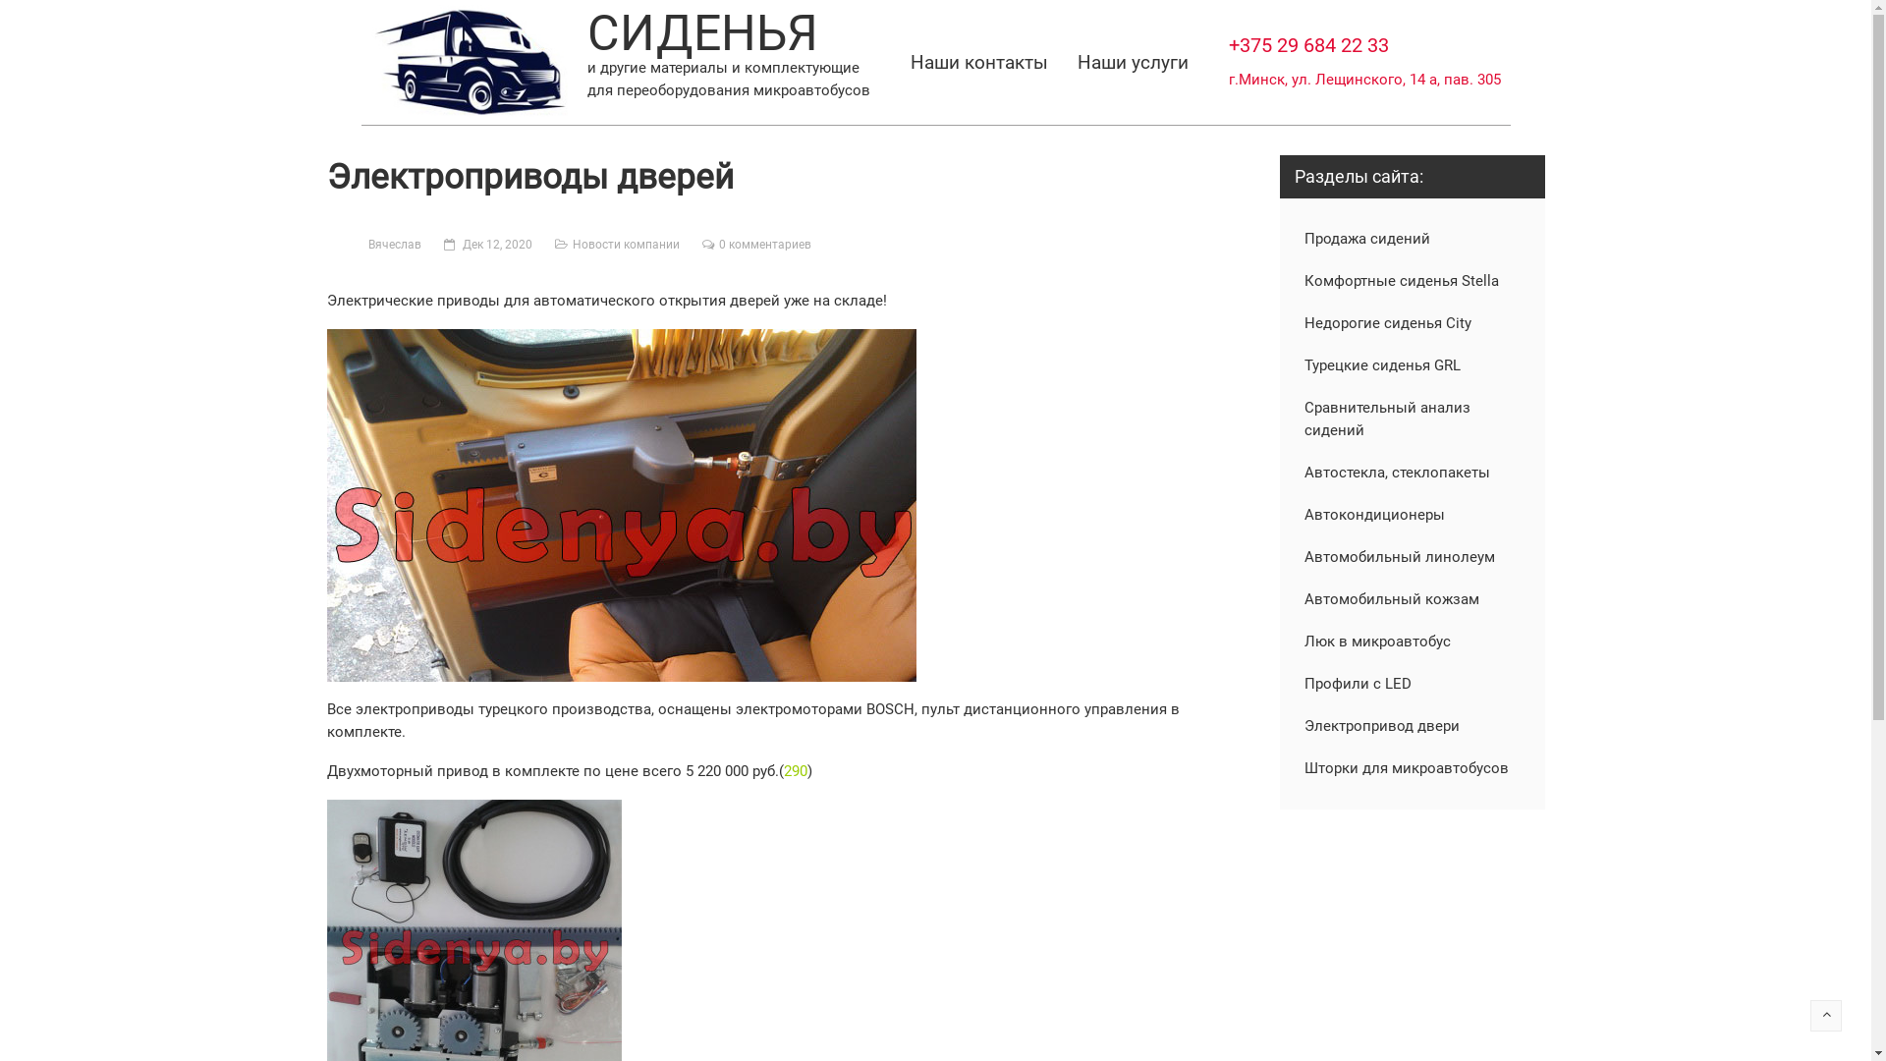 The width and height of the screenshot is (1886, 1061). Describe the element at coordinates (1307, 44) in the screenshot. I see `'+375 29 684 22 33'` at that location.